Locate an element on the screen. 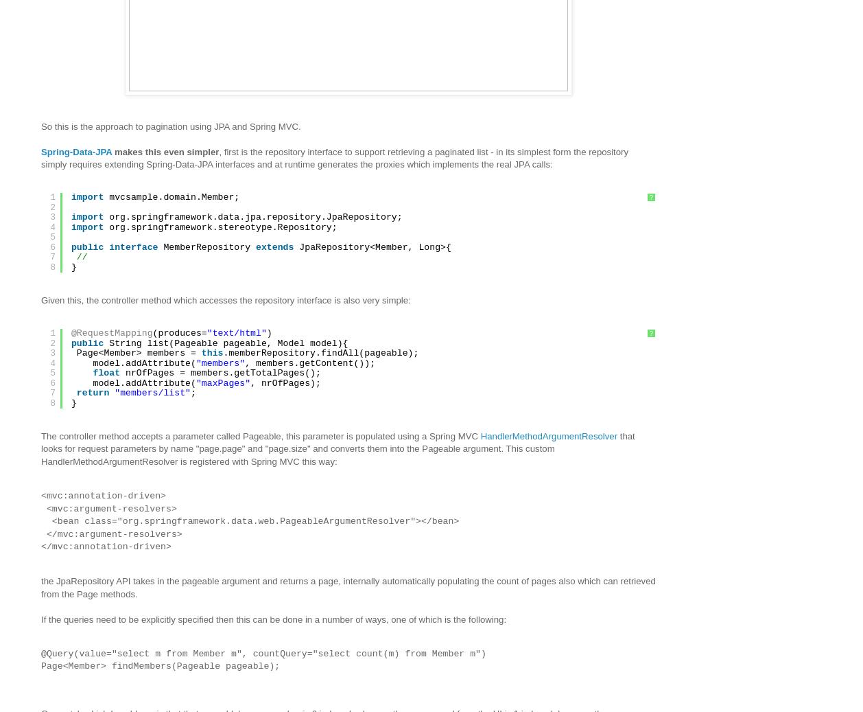 This screenshot has width=863, height=712. 'mvcsample.domain.Member;' is located at coordinates (174, 196).